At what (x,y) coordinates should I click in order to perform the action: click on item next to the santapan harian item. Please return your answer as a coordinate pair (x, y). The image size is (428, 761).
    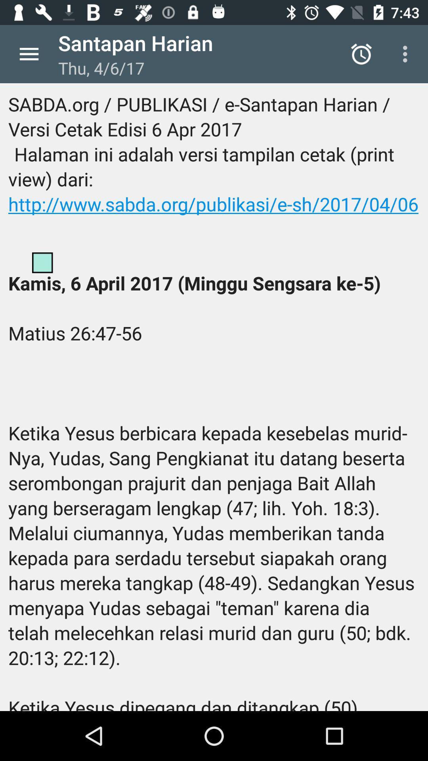
    Looking at the image, I should click on (361, 54).